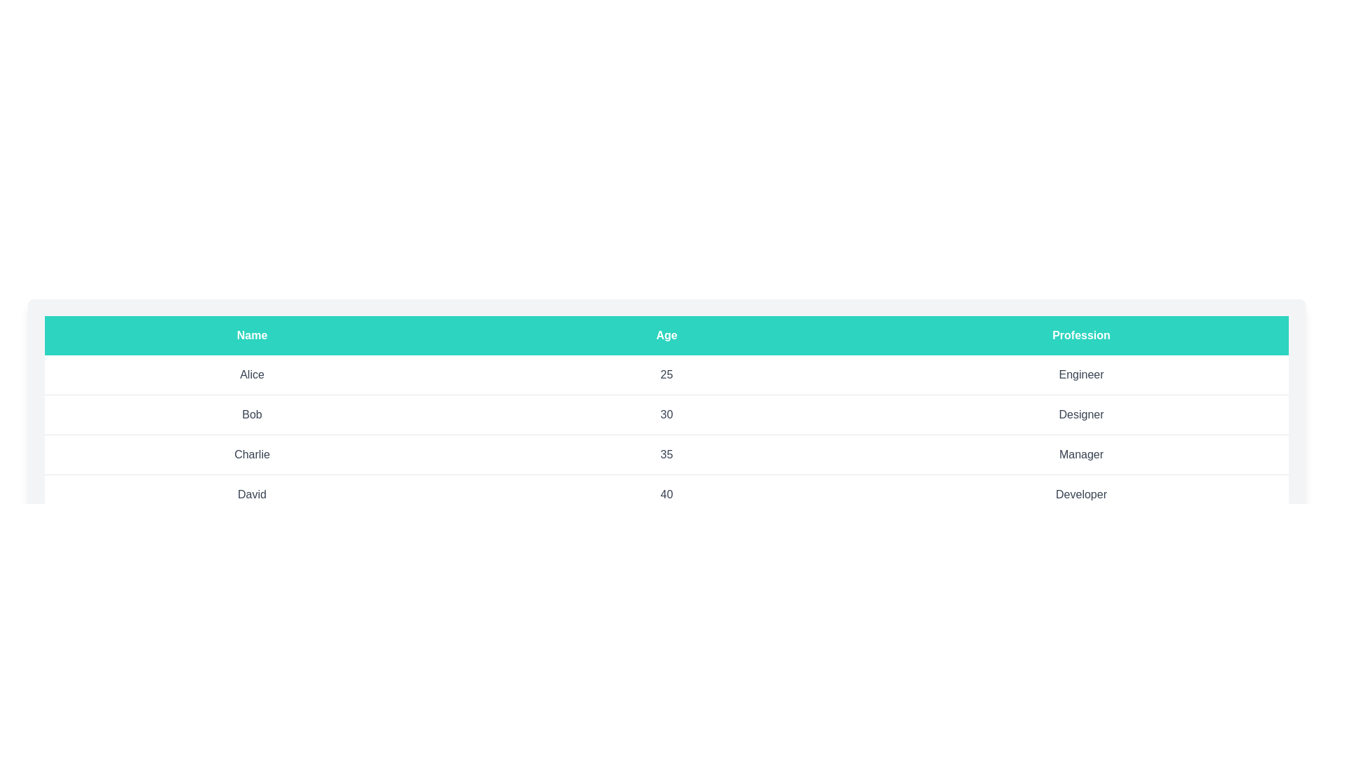 The height and width of the screenshot is (757, 1347). I want to click on text label displaying '30' located in the second row under the 'Age' column of the table where 'Bob' and 'Designer' are listed, so click(666, 414).